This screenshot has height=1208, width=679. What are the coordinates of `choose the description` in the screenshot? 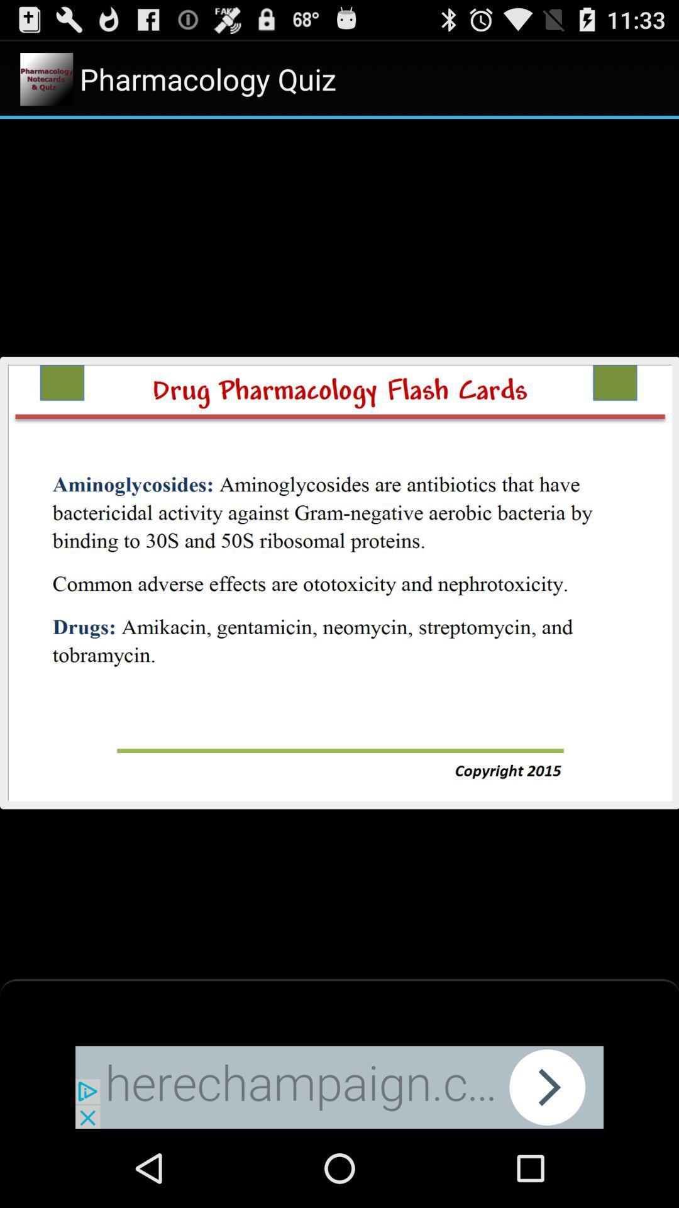 It's located at (339, 581).